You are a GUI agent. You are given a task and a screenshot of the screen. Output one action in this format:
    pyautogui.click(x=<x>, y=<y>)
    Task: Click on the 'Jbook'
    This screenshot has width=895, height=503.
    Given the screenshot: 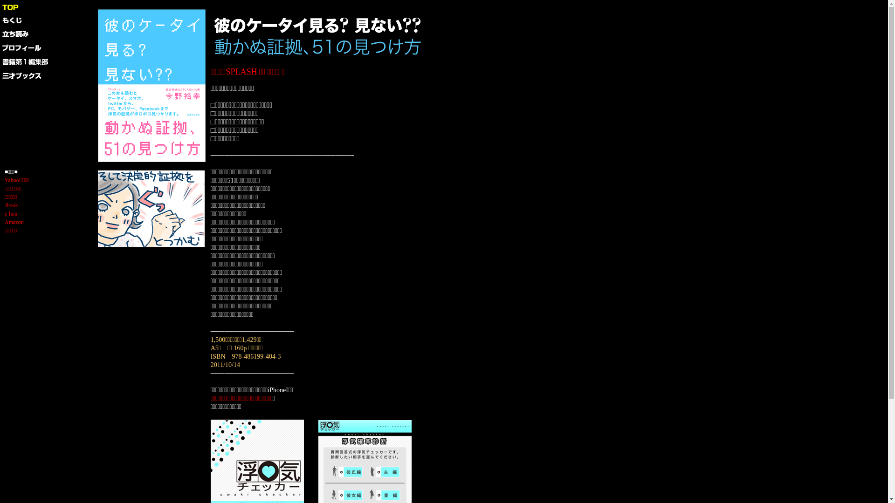 What is the action you would take?
    pyautogui.click(x=4, y=204)
    